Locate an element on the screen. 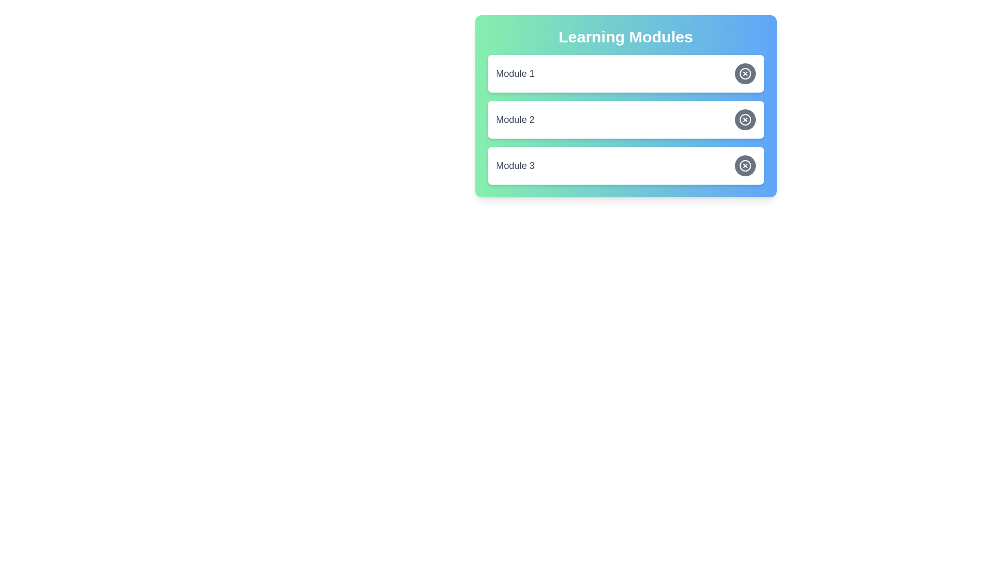 The height and width of the screenshot is (565, 1005). toggle button for Module 3 to change its state is located at coordinates (744, 165).